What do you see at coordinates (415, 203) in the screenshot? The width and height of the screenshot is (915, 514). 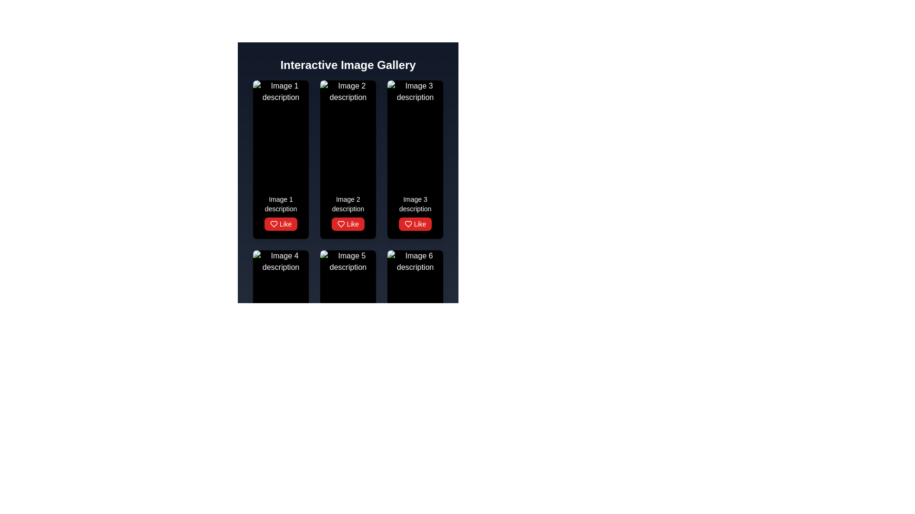 I see `the text label that provides context for the third image in the Interactive Image Gallery, located above the 'Like' button` at bounding box center [415, 203].